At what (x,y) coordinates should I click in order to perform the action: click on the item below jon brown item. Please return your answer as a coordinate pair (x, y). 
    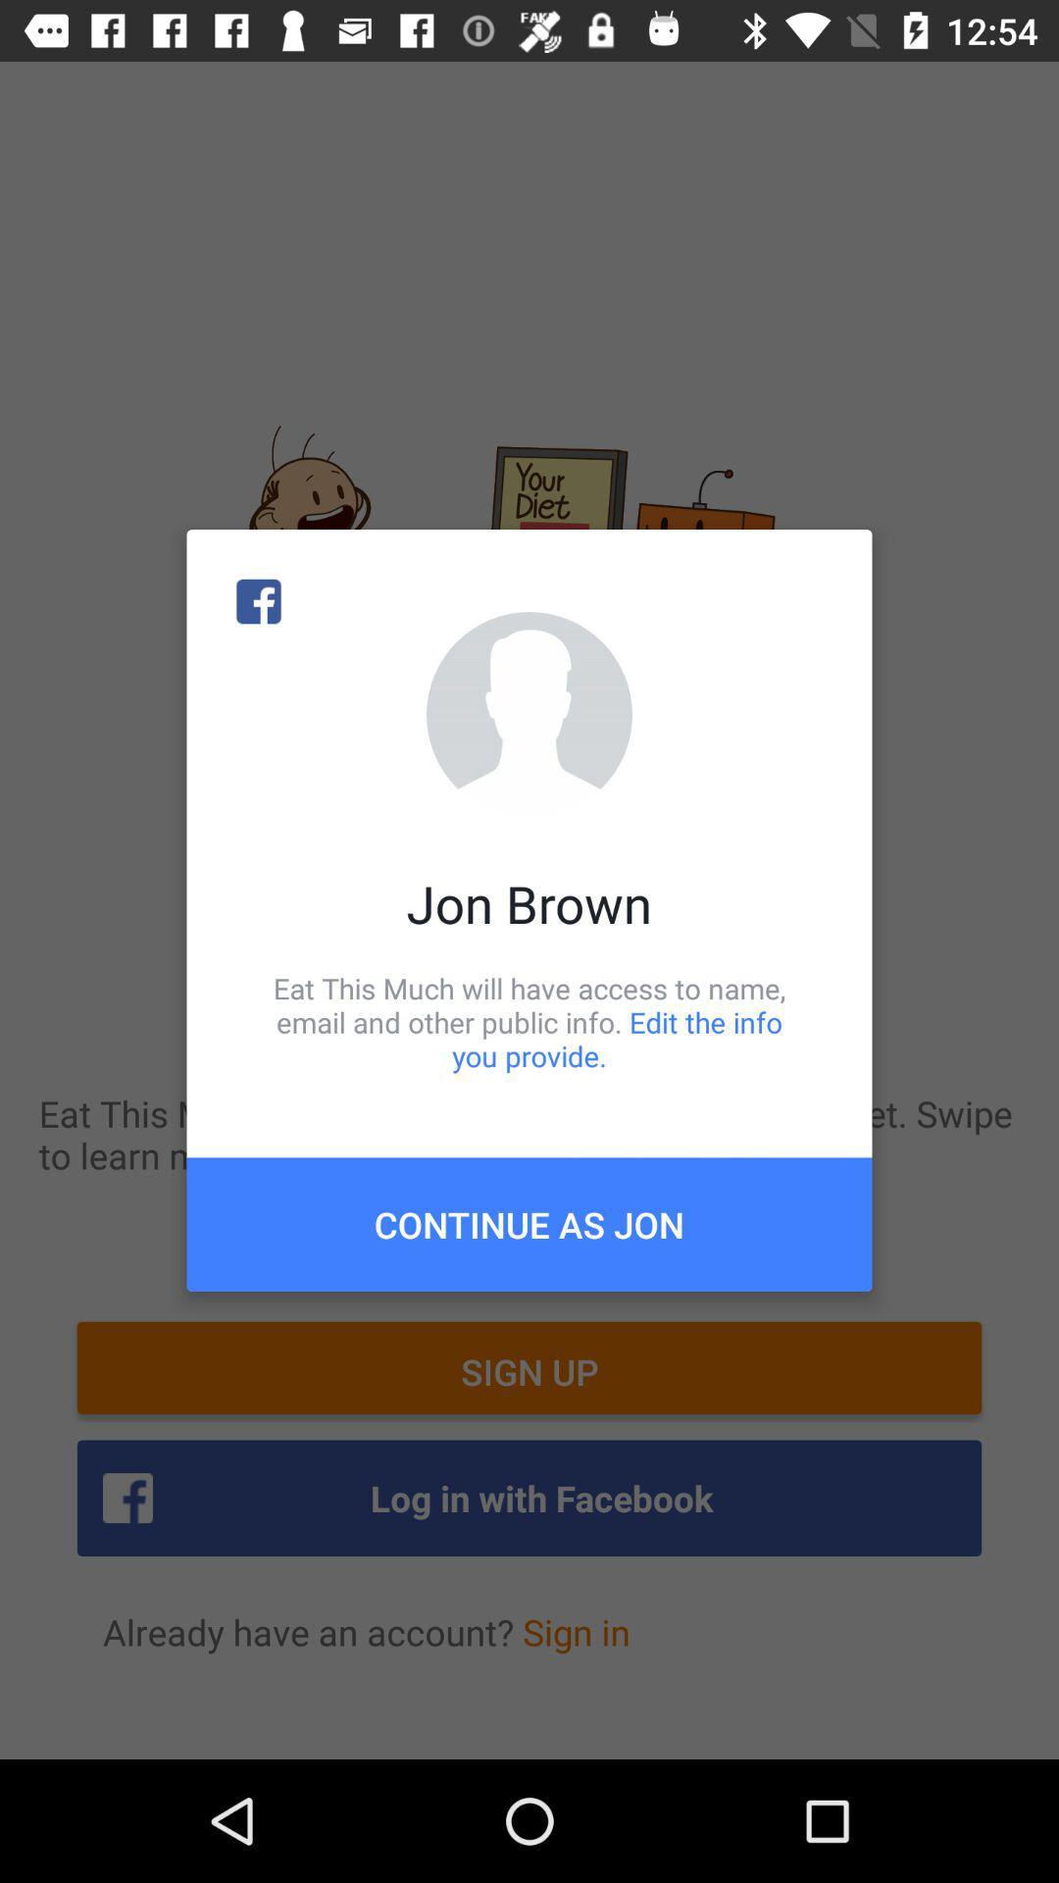
    Looking at the image, I should click on (529, 1021).